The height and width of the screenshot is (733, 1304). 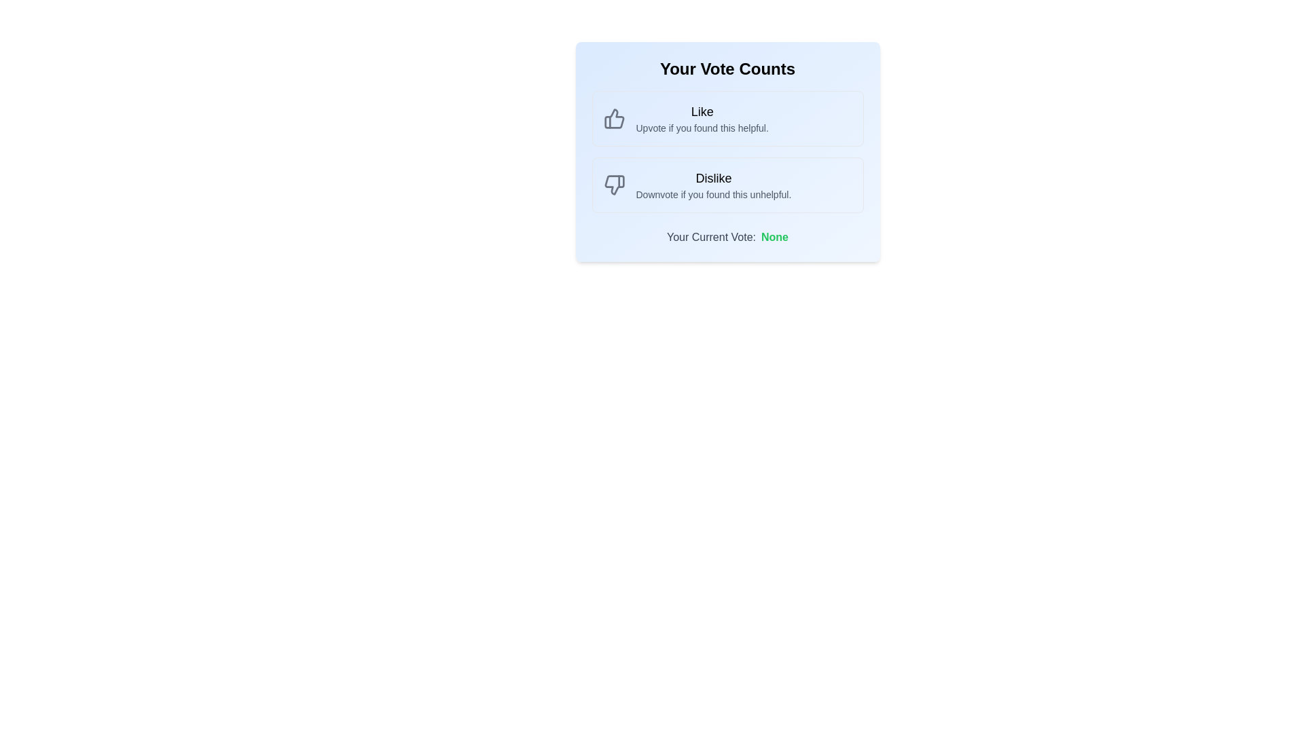 What do you see at coordinates (702, 117) in the screenshot?
I see `the 'Like' text label that displays 'Like' in bold and 'Upvote if you found this helpful.' in gray, located within a bordered card titled 'Your Vote Counts.'` at bounding box center [702, 117].